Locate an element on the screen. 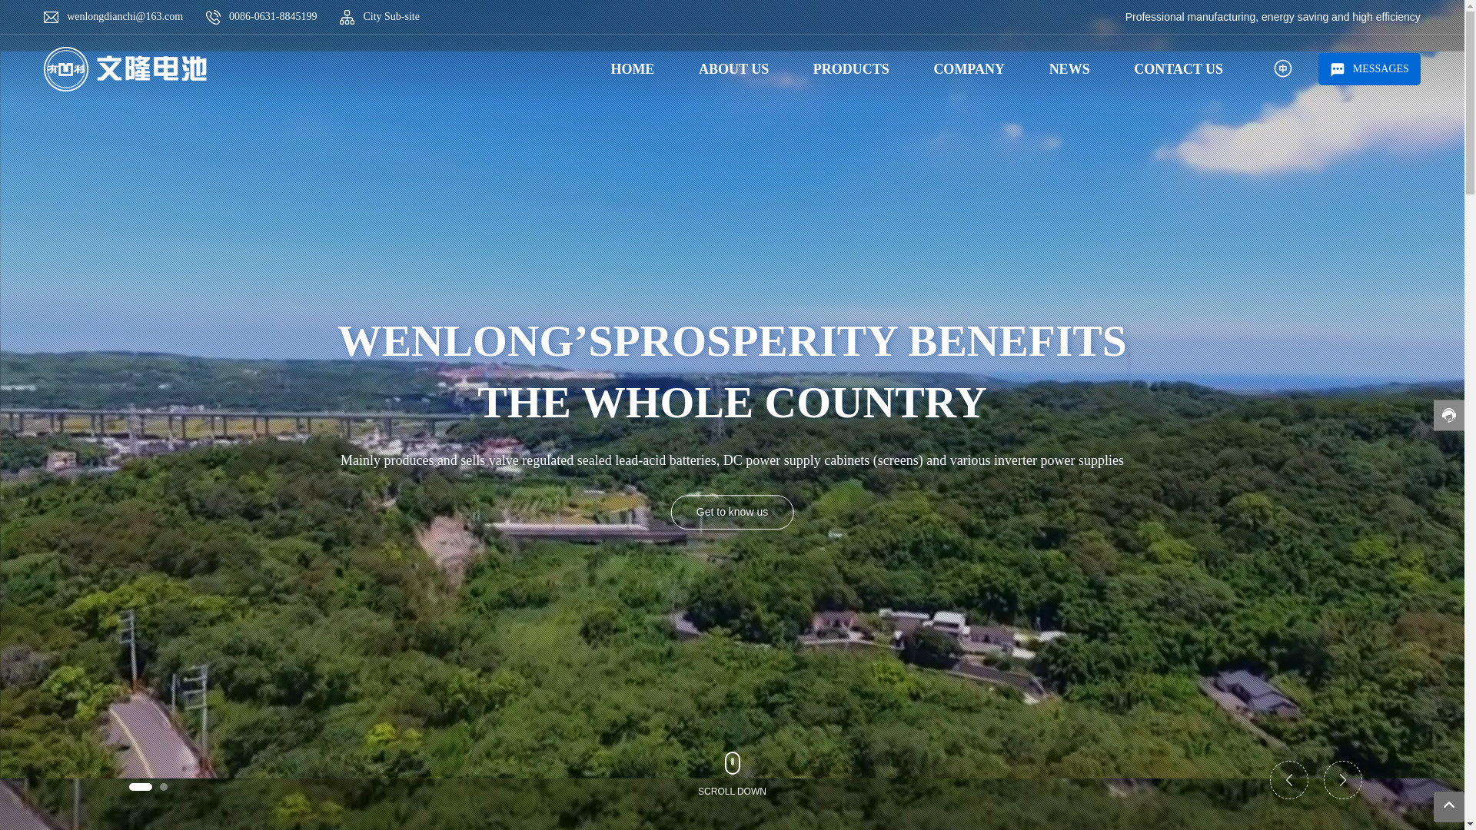 This screenshot has width=1476, height=830. 'wenlongdianchi@163.com' is located at coordinates (125, 16).